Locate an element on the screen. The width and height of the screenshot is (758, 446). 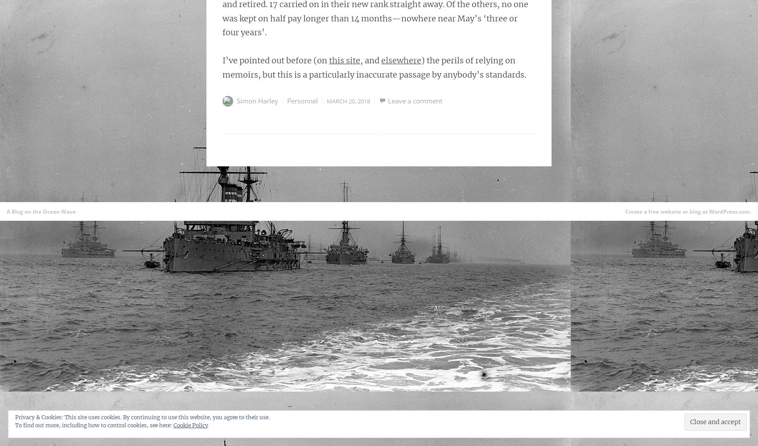
'Create a free website or blog at WordPress.com.' is located at coordinates (688, 211).